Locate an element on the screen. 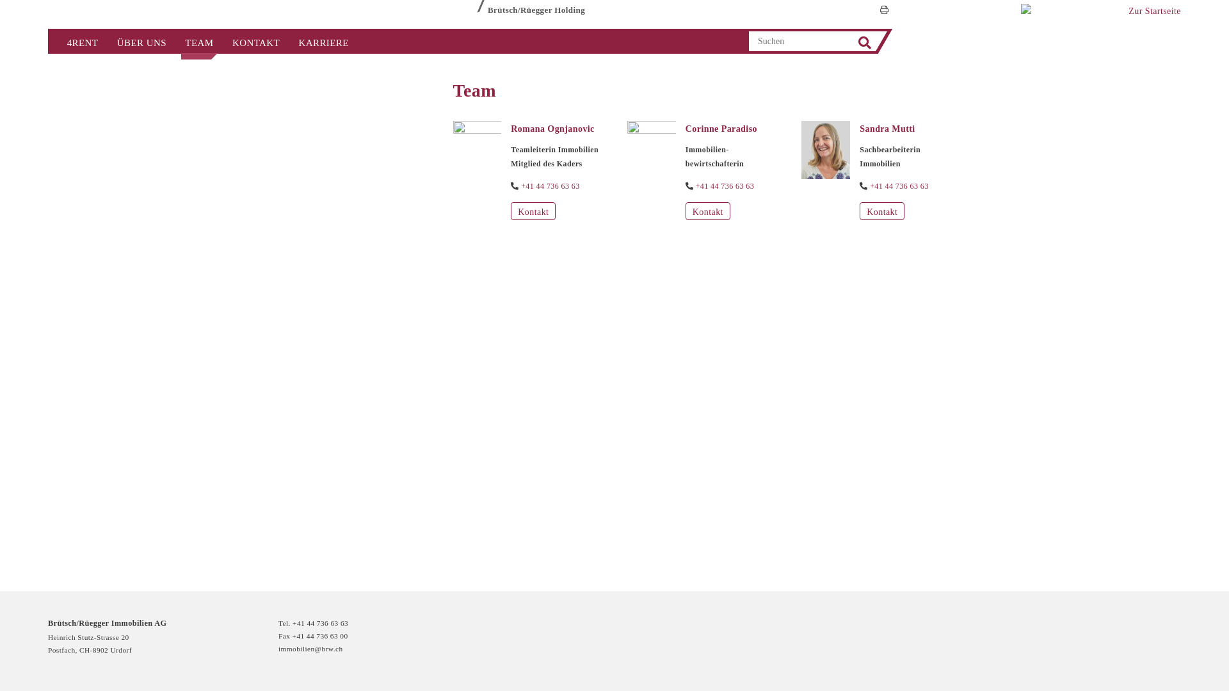  'KARRIERE' is located at coordinates (323, 41).